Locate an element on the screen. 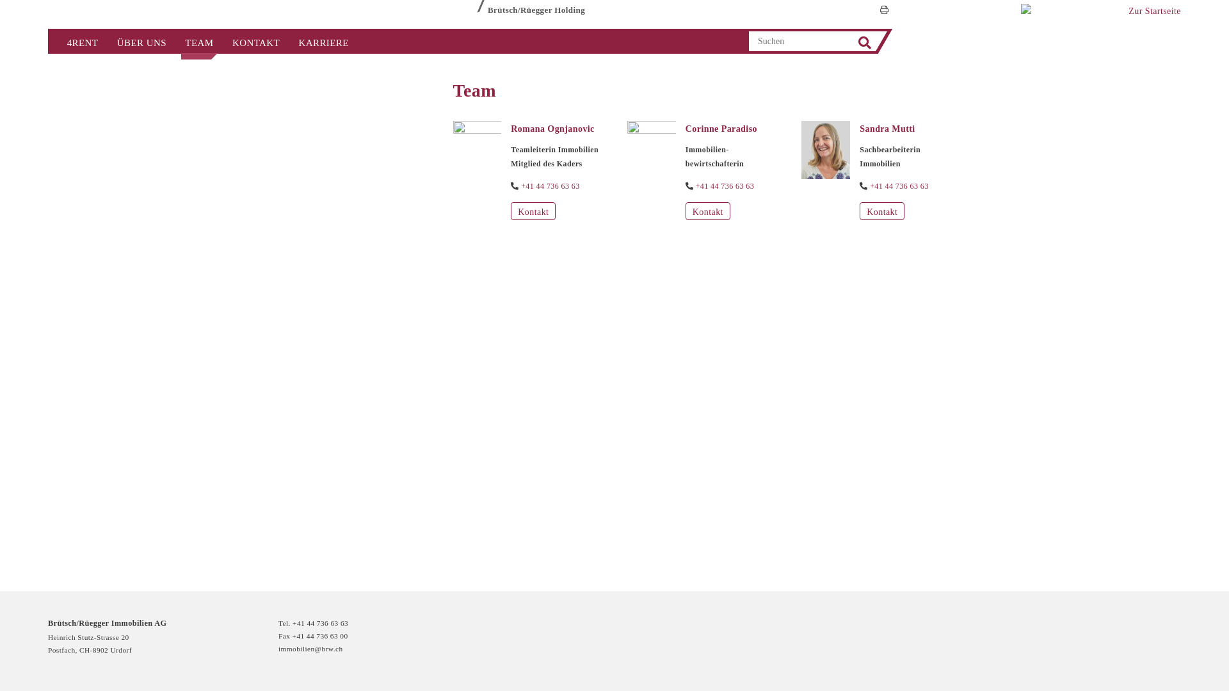  'KARRIERE' is located at coordinates (323, 41).